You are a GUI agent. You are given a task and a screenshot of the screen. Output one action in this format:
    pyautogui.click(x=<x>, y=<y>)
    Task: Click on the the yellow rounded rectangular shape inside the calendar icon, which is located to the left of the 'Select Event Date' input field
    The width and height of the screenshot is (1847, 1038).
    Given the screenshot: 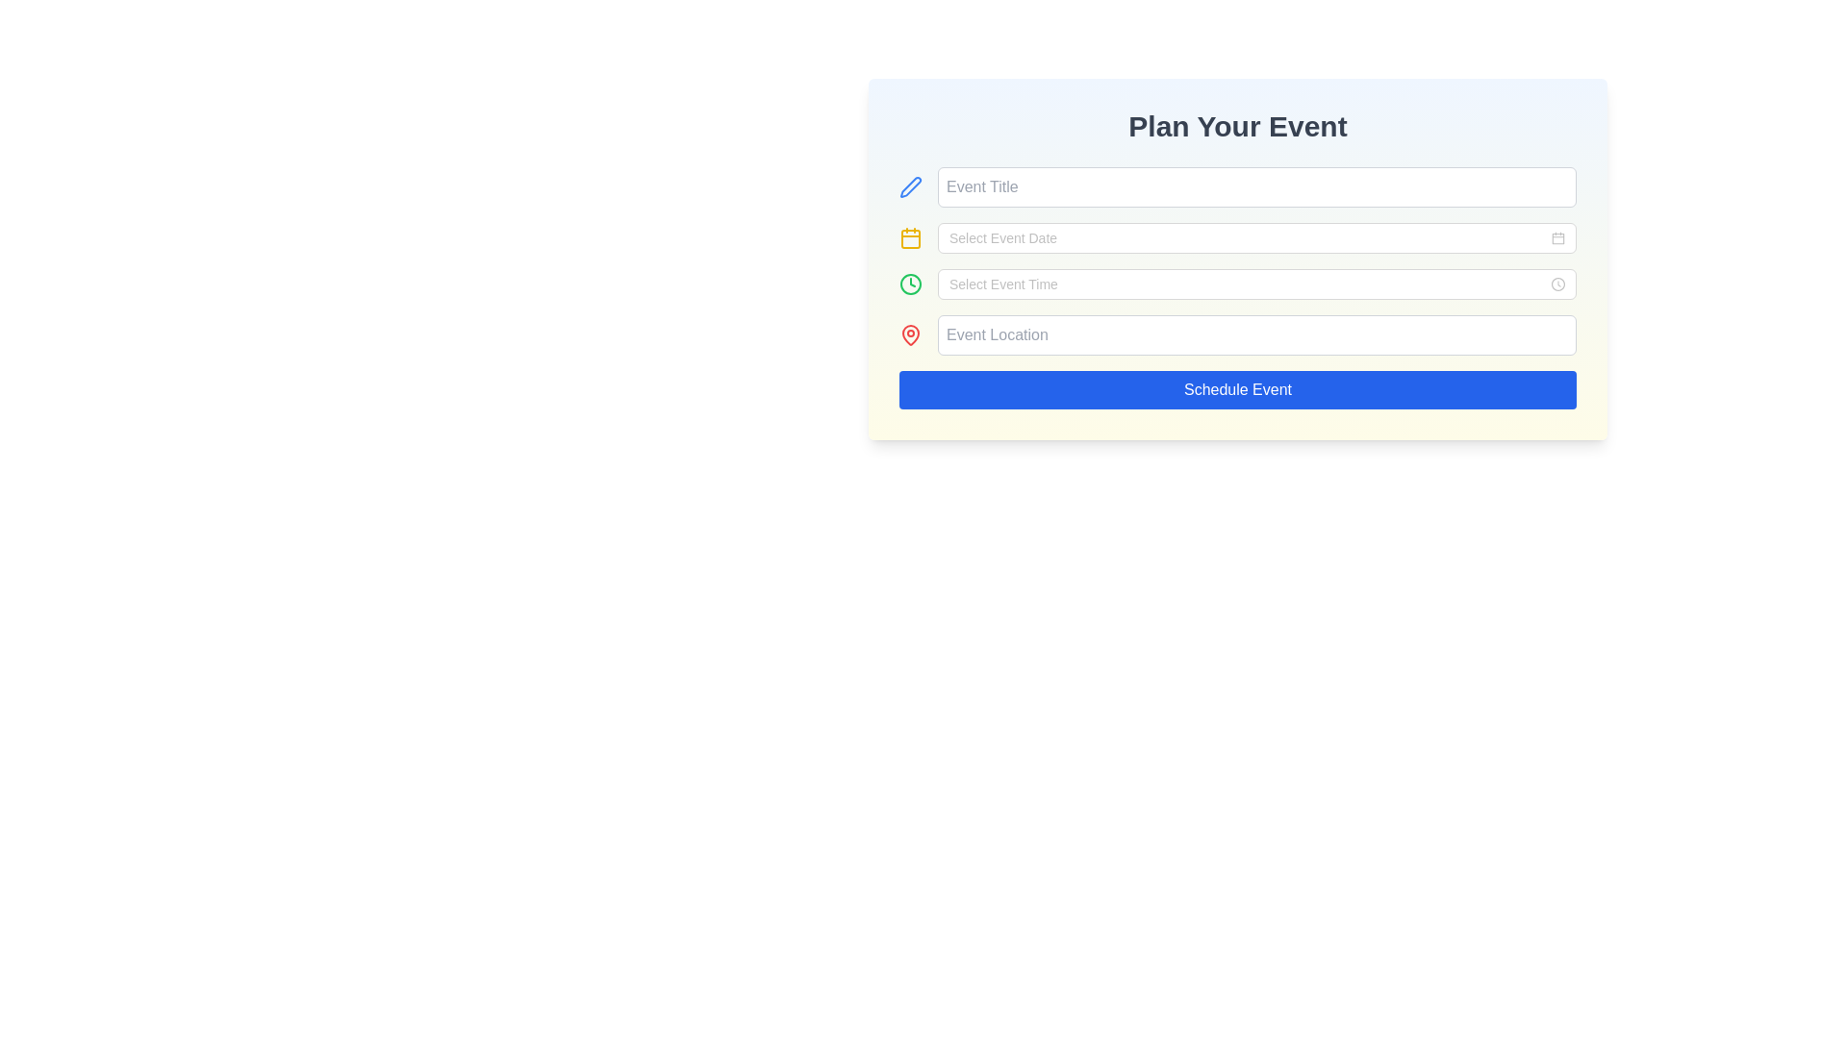 What is the action you would take?
    pyautogui.click(x=909, y=238)
    